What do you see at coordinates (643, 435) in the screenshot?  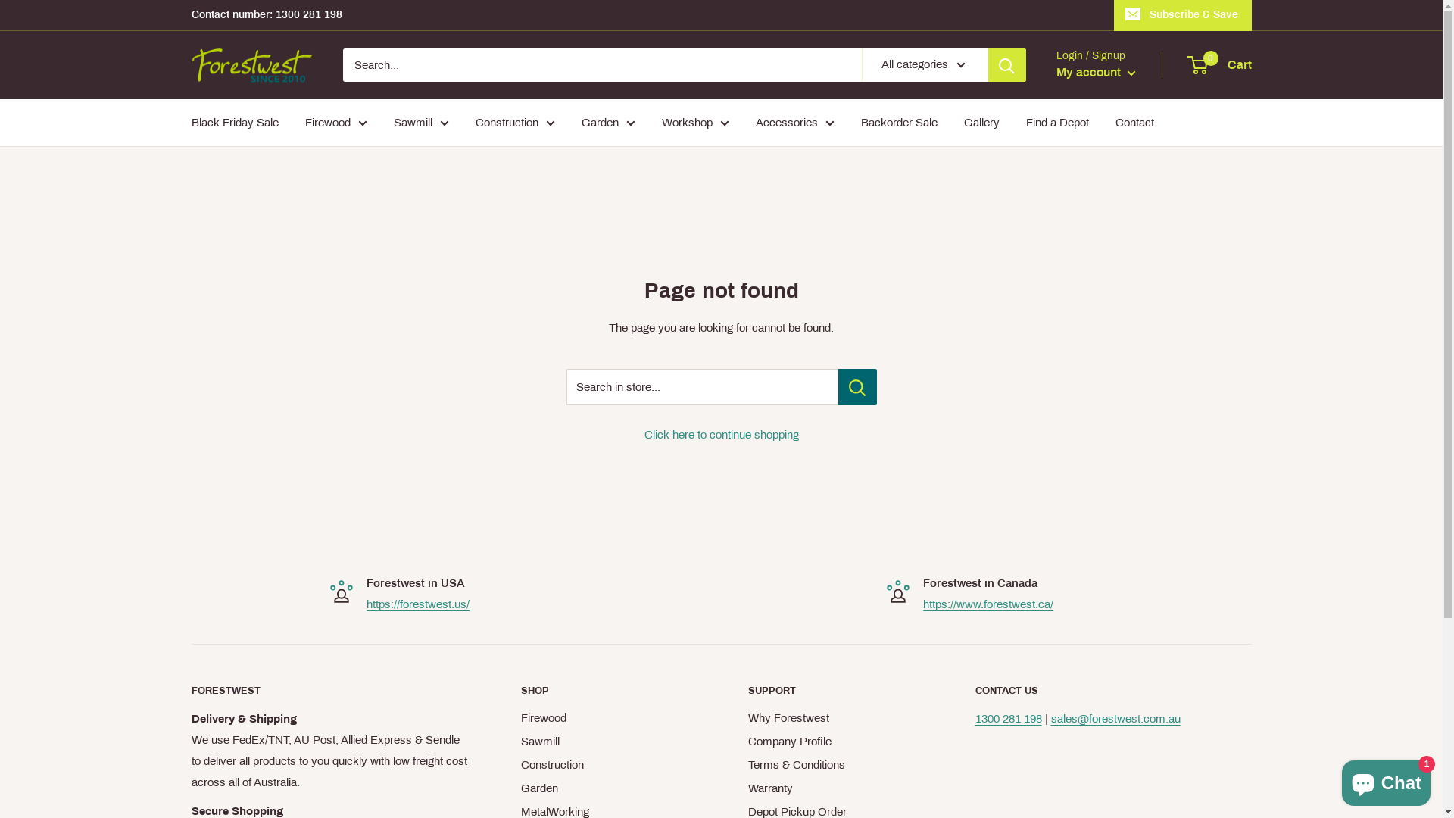 I see `'Click here to continue shopping'` at bounding box center [643, 435].